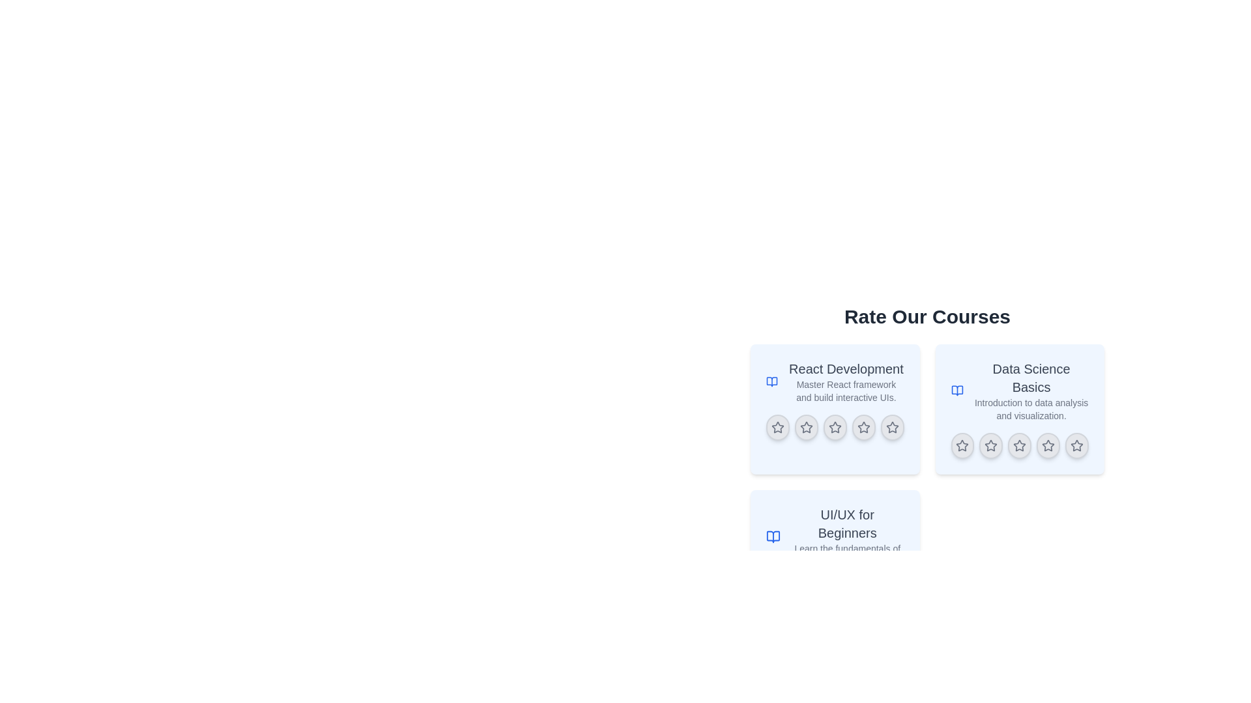 The image size is (1251, 703). What do you see at coordinates (962, 445) in the screenshot?
I see `the circular button with a grayish background and a star icon located in the second rating row under the 'Data Science Basics' section` at bounding box center [962, 445].